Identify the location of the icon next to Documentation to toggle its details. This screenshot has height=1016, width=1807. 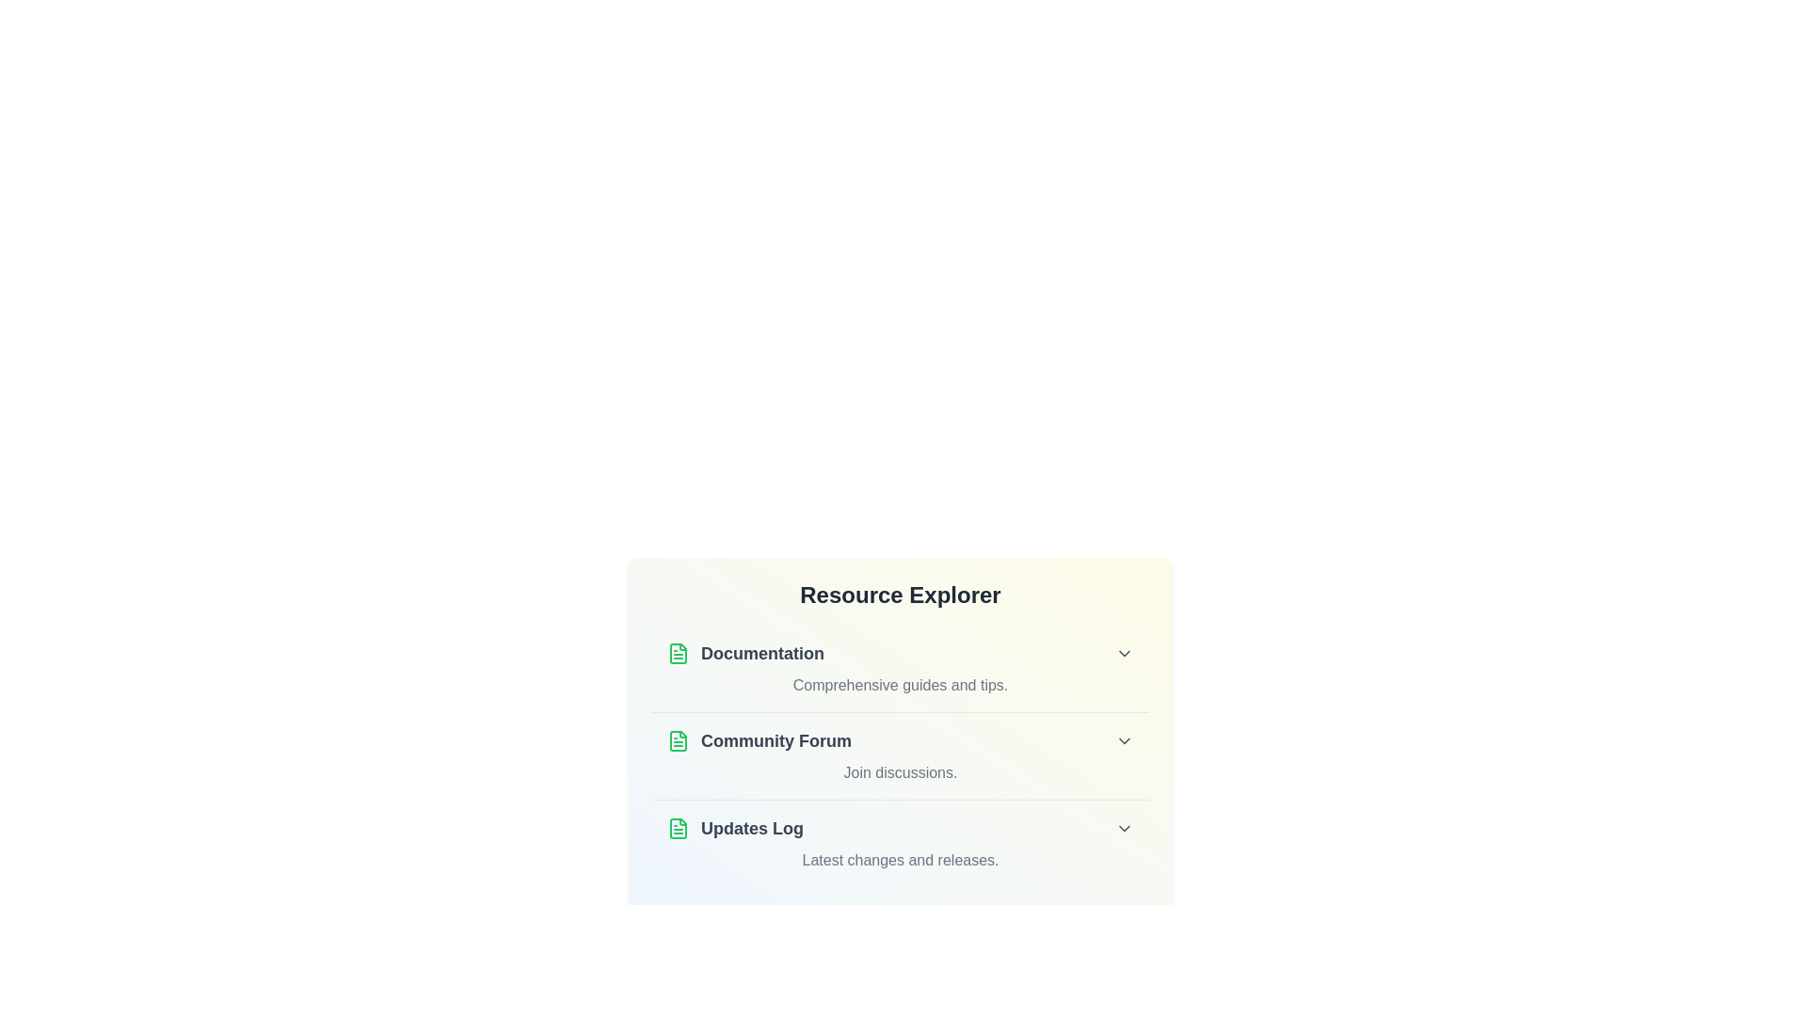
(678, 652).